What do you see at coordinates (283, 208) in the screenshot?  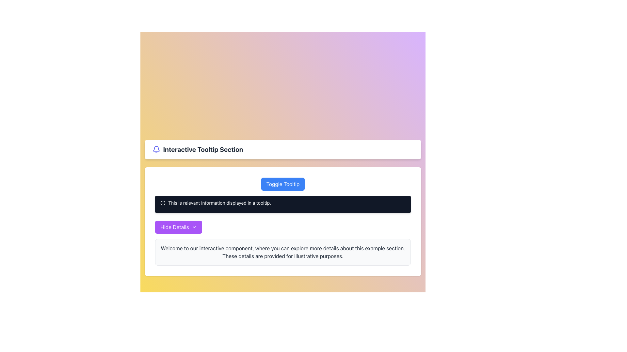 I see `the Informational Tooltip located centrally below the title 'Interactive Tooltip Section' and above the 'Hide Details' button to trigger the tooltip` at bounding box center [283, 208].